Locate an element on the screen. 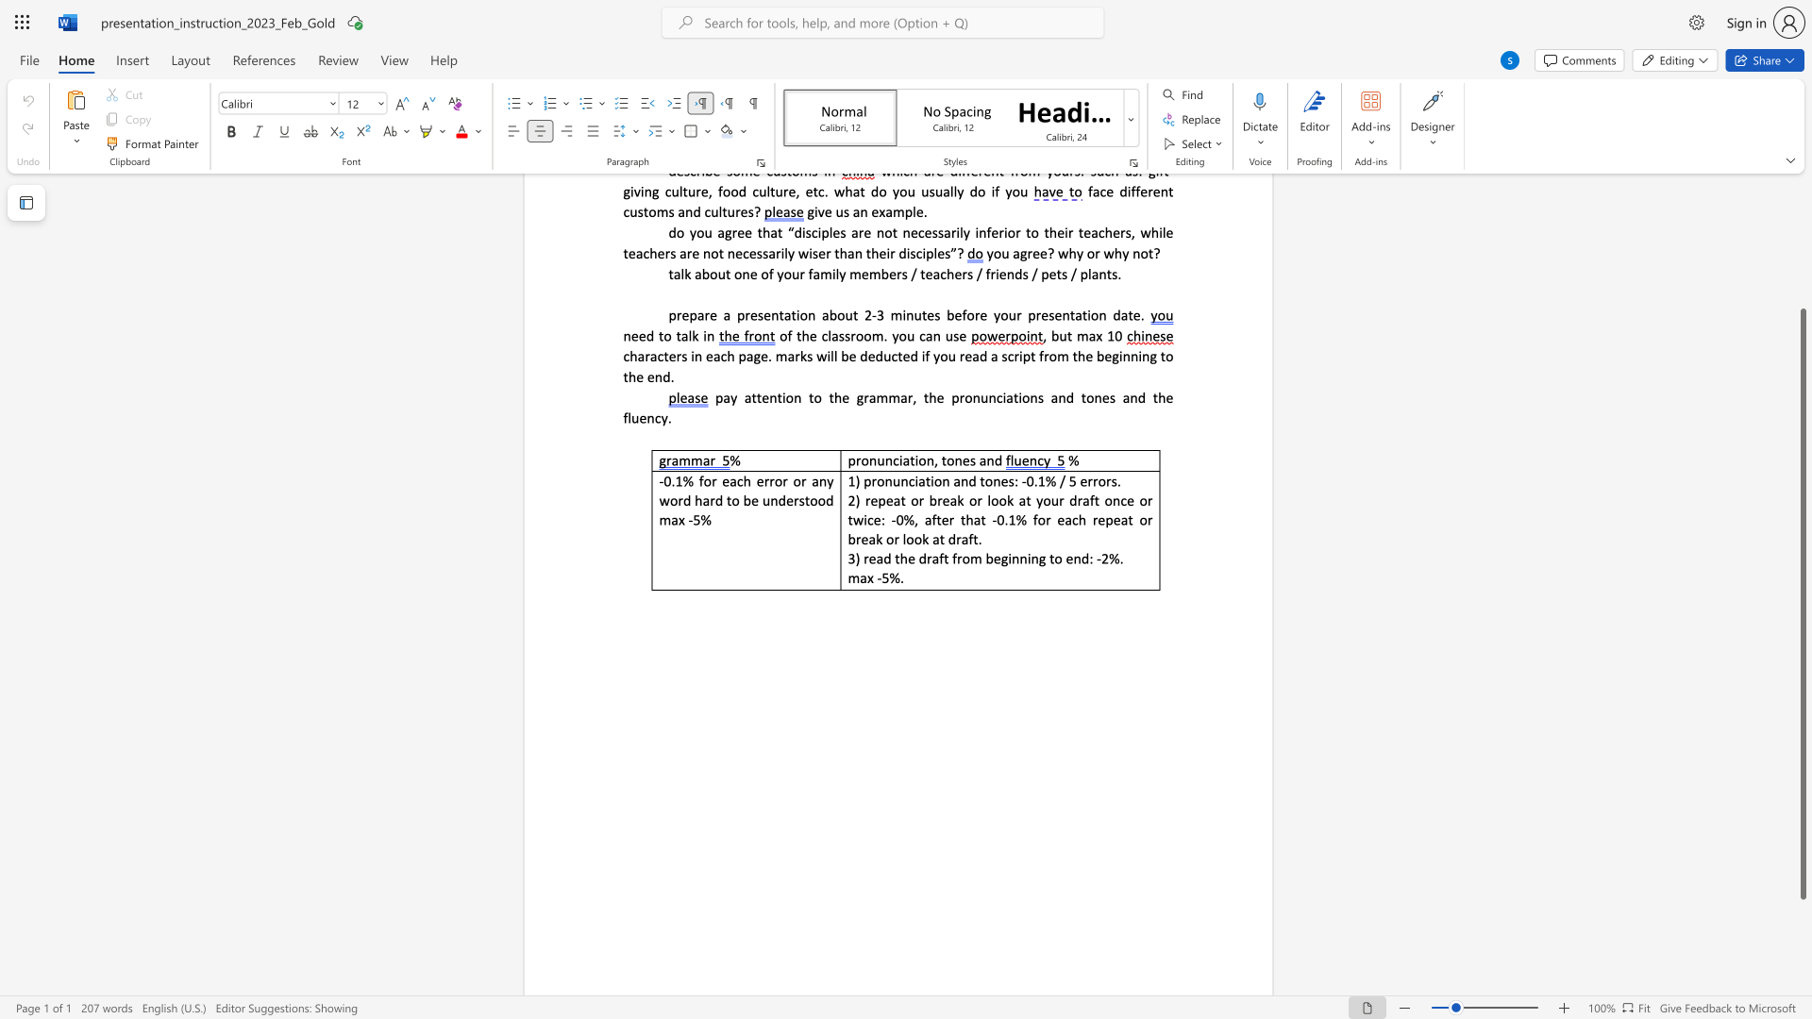 This screenshot has height=1019, width=1812. the scrollbar and move down 90 pixels is located at coordinates (1802, 604).